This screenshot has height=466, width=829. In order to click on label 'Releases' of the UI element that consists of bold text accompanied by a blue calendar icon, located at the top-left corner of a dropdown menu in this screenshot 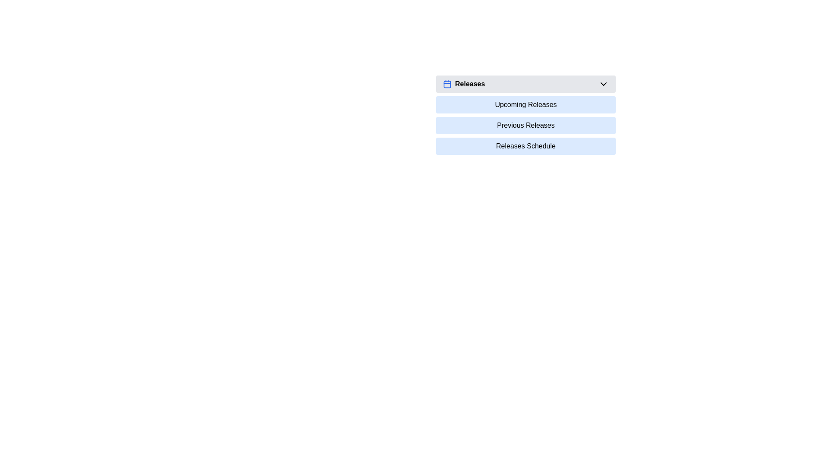, I will do `click(463, 84)`.